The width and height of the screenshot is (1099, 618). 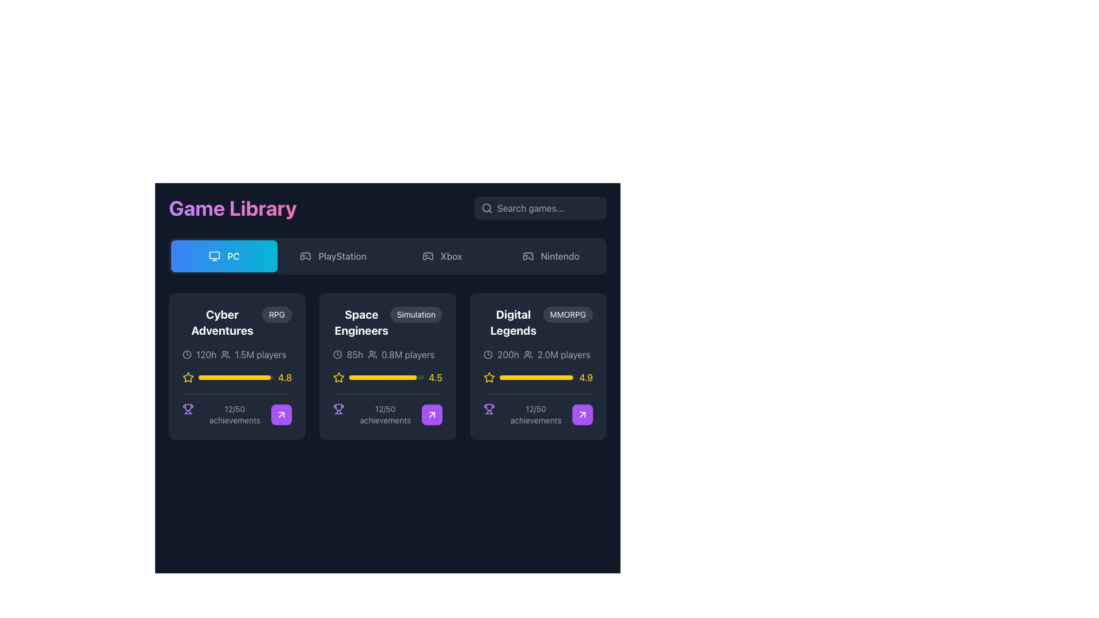 What do you see at coordinates (536, 377) in the screenshot?
I see `the progress bar located within the 'Digital Legends' card, positioned below the star icon and the rating text '4.9'` at bounding box center [536, 377].